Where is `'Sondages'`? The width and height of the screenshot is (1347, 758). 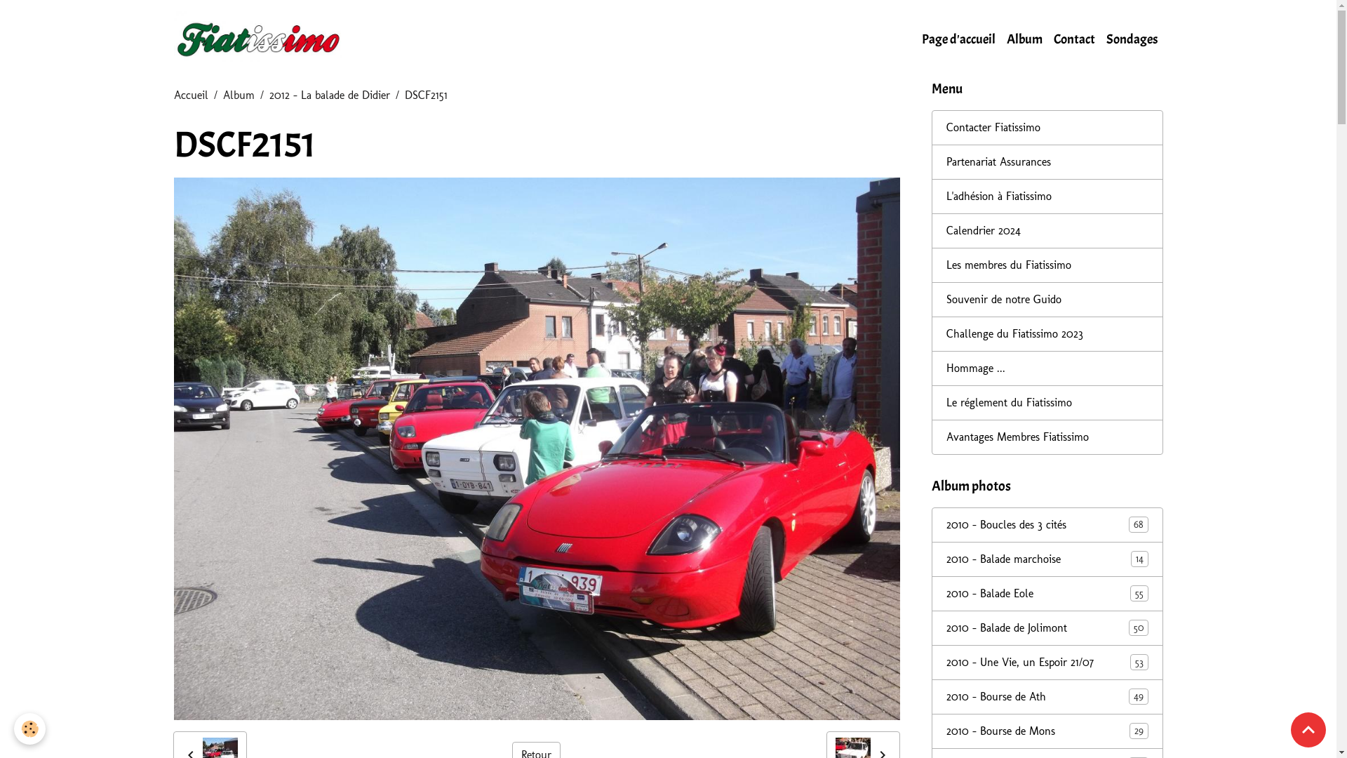 'Sondages' is located at coordinates (1099, 39).